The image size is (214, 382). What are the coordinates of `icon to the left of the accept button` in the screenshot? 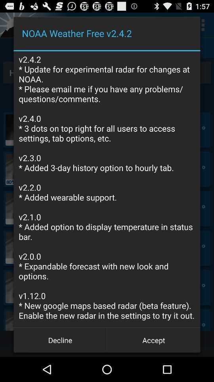 It's located at (60, 339).